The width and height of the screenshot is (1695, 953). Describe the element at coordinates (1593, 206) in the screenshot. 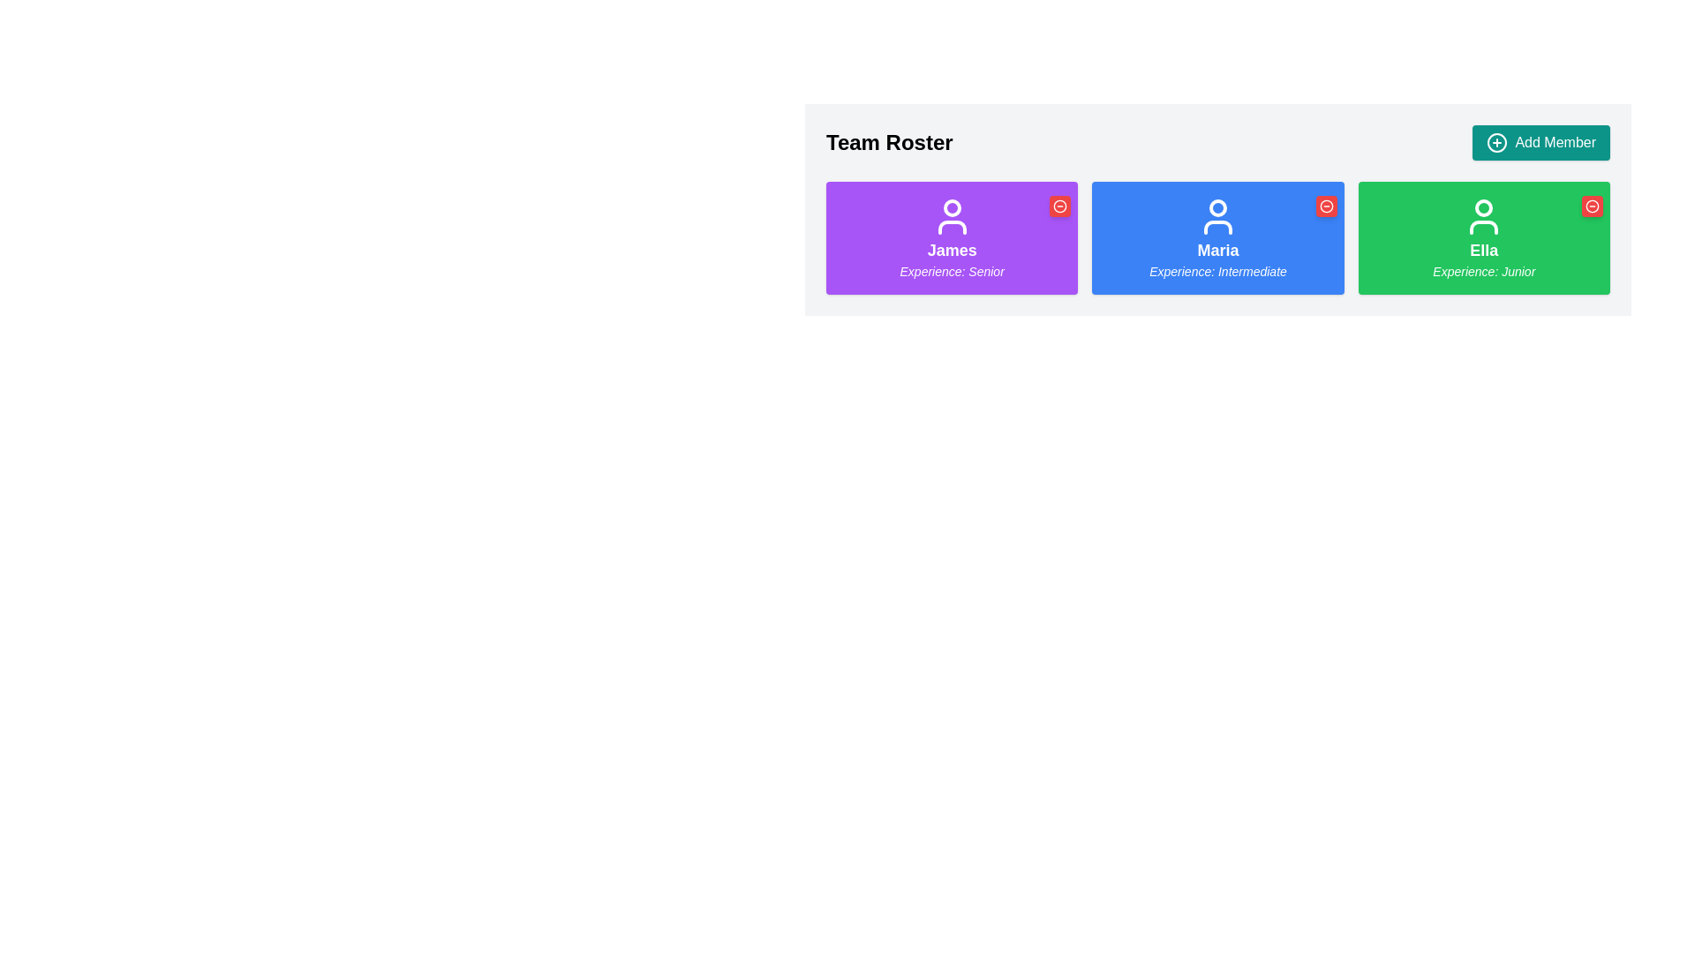

I see `the circular red button with a minus sign icon located at the top-right corner of the 'Ella' card` at that location.